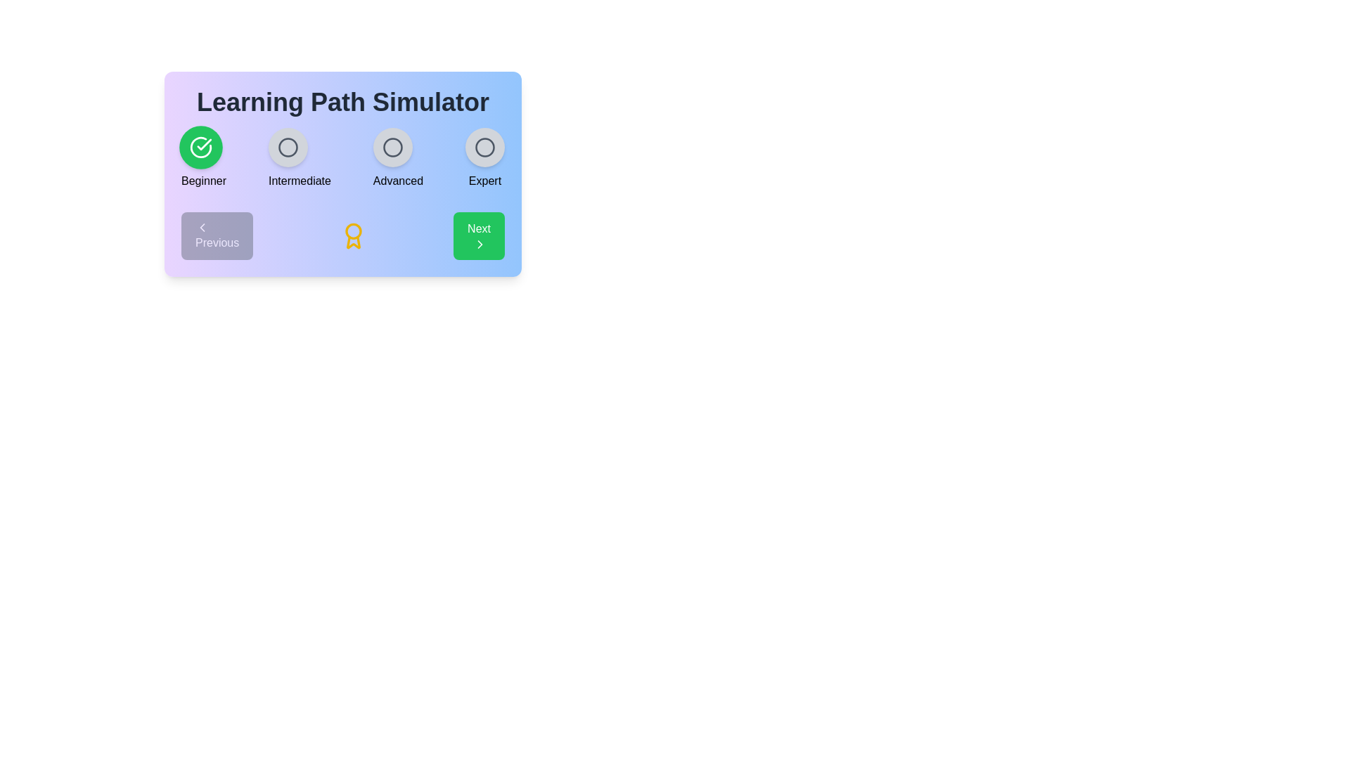 The height and width of the screenshot is (759, 1350). Describe the element at coordinates (485, 180) in the screenshot. I see `the 'Expert' text label, which is the fourth label in a horizontal list of expertise options` at that location.